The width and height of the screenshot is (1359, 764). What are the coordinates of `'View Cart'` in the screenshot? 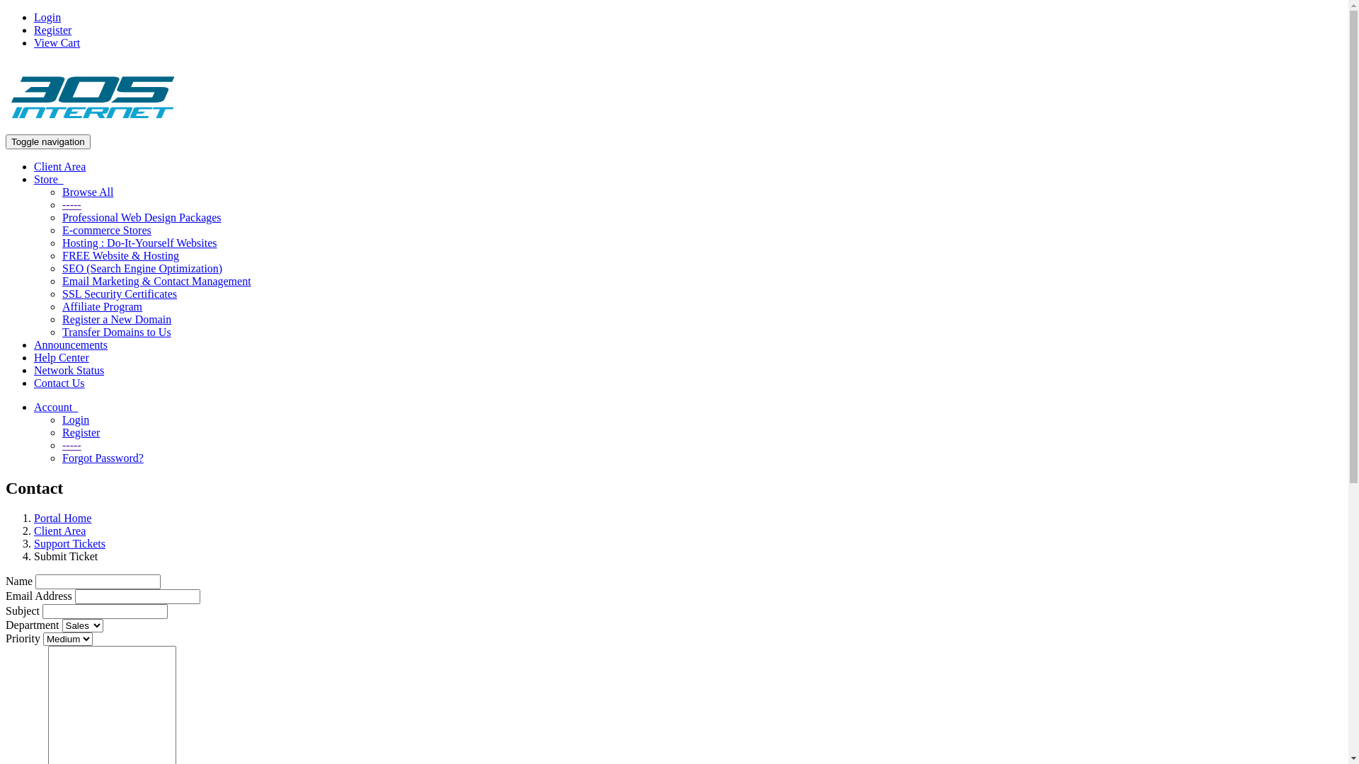 It's located at (57, 42).